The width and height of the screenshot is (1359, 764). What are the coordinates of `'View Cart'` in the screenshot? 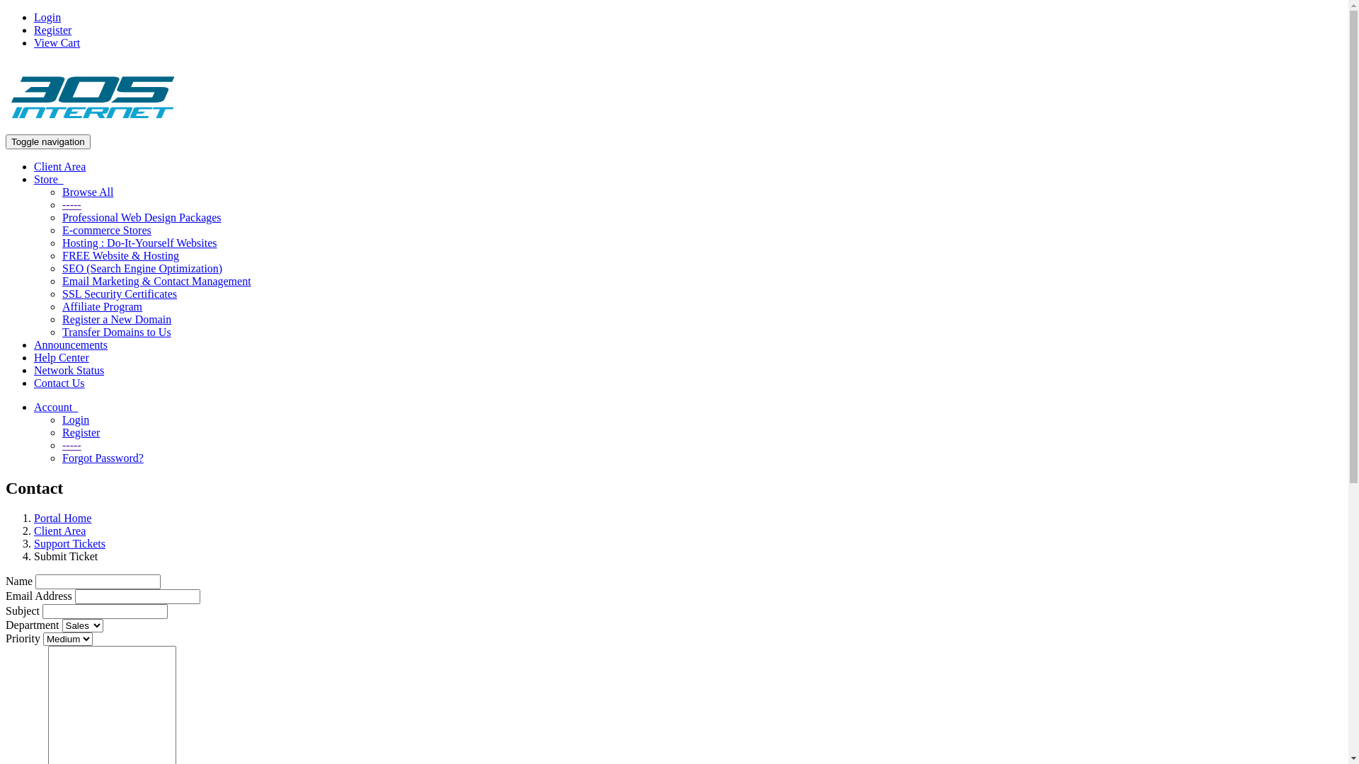 It's located at (57, 42).